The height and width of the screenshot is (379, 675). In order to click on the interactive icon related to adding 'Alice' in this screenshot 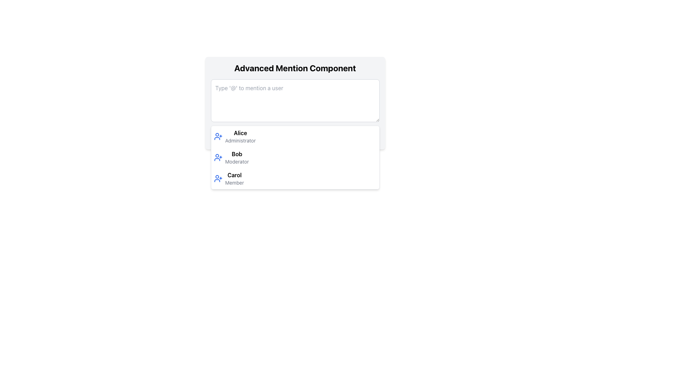, I will do `click(218, 137)`.